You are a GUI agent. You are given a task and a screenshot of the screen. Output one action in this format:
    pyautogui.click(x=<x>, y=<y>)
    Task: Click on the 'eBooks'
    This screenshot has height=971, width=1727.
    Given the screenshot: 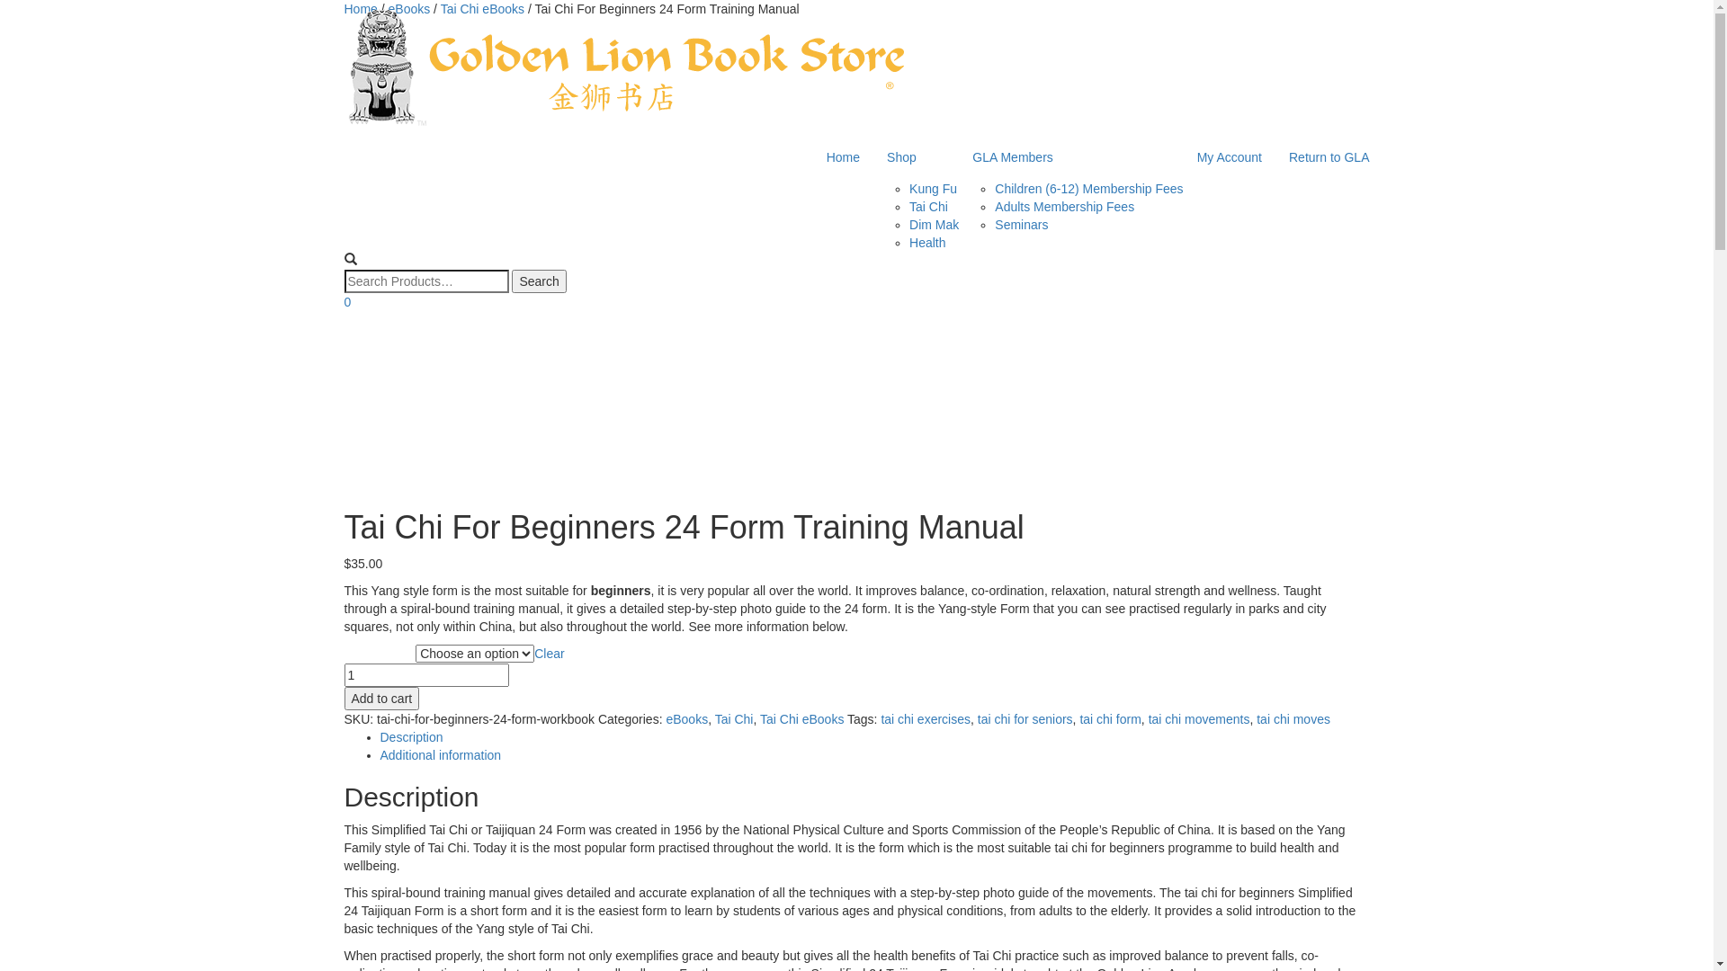 What is the action you would take?
    pyautogui.click(x=685, y=717)
    